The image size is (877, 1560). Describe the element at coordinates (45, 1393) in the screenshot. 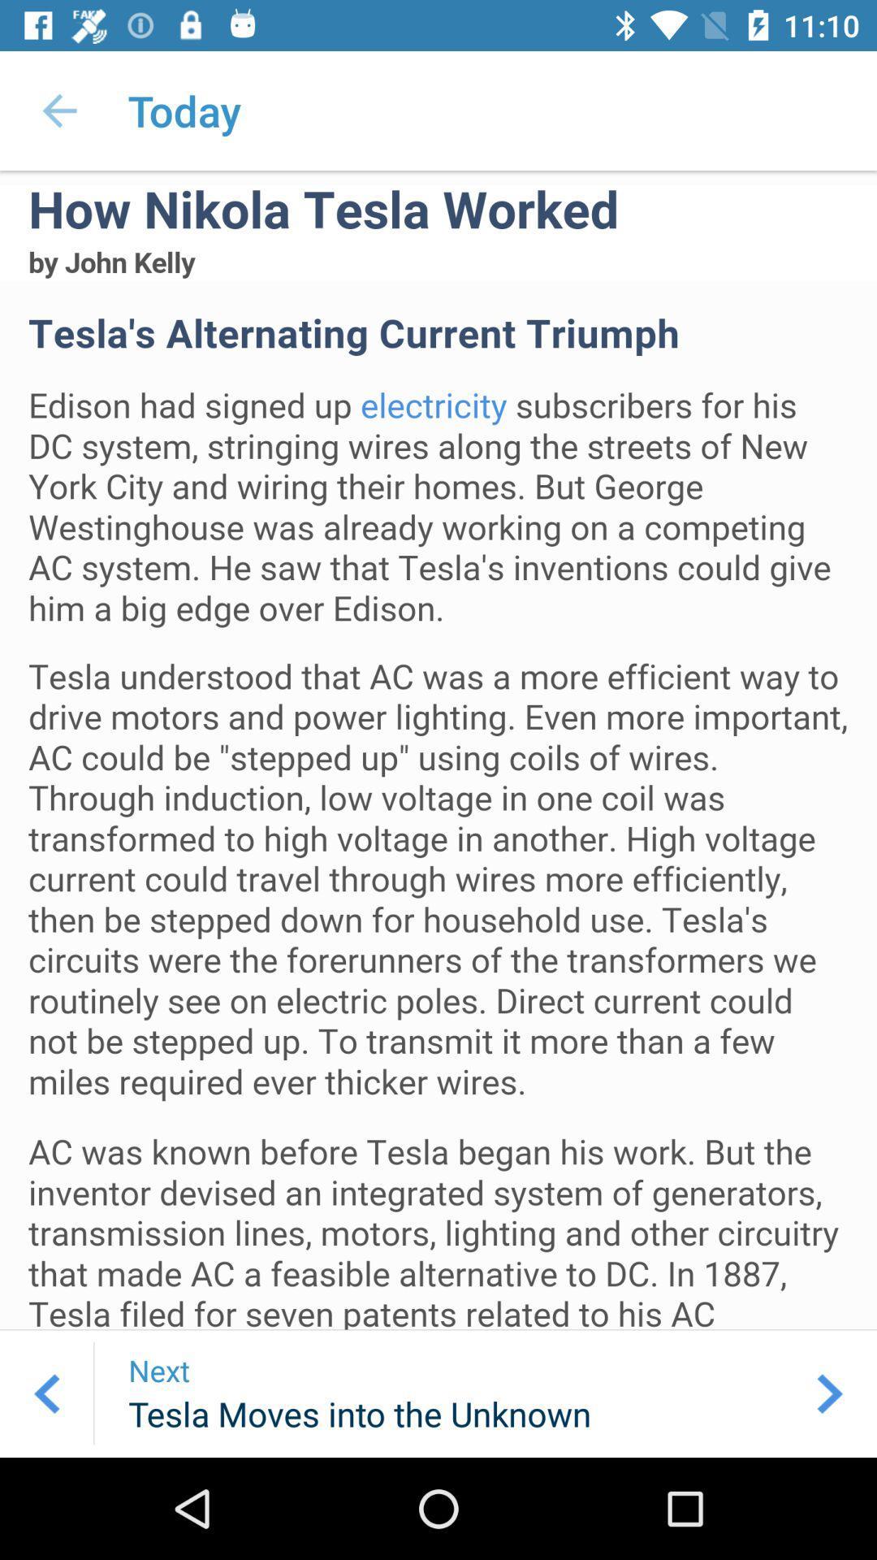

I see `the arrow_backward icon` at that location.